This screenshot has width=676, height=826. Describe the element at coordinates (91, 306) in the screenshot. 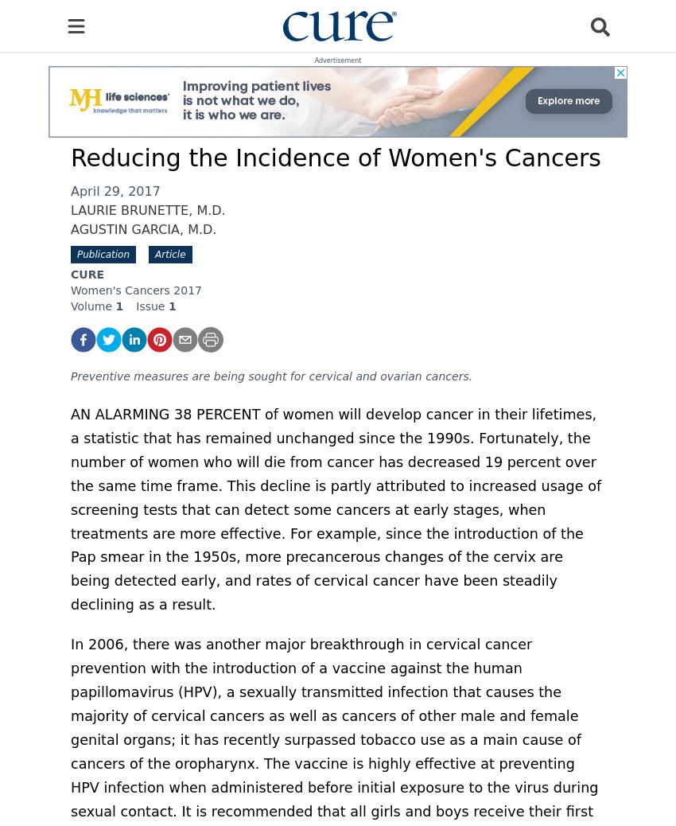

I see `'Volume'` at that location.